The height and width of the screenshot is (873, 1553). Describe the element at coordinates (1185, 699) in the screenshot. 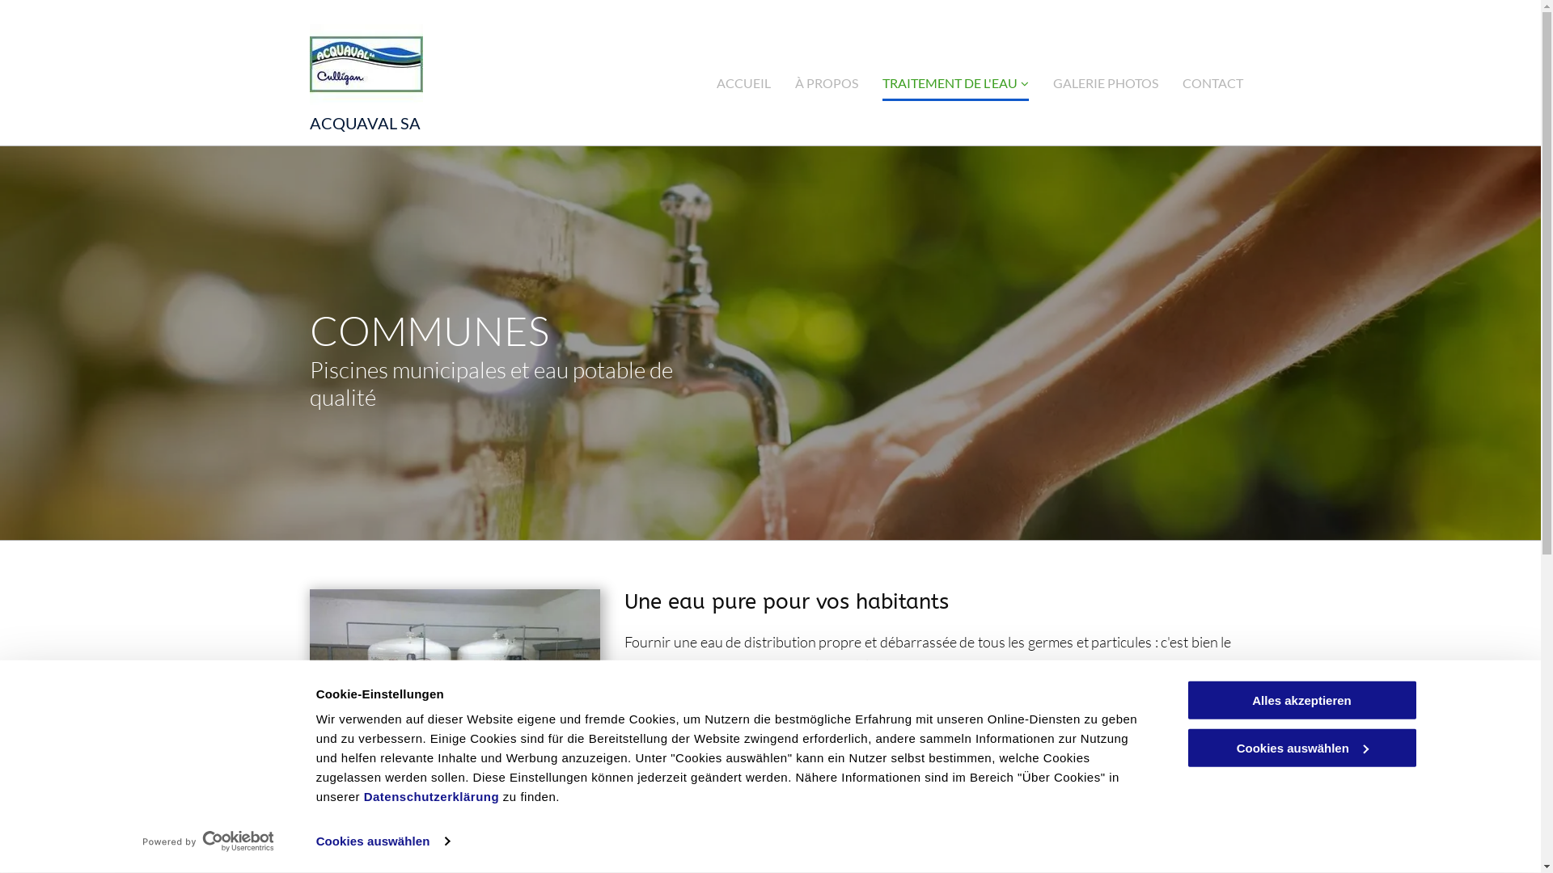

I see `'Alles akzeptieren'` at that location.